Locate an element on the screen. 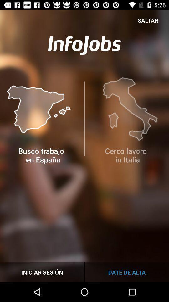 Image resolution: width=169 pixels, height=302 pixels. saltar item is located at coordinates (148, 20).